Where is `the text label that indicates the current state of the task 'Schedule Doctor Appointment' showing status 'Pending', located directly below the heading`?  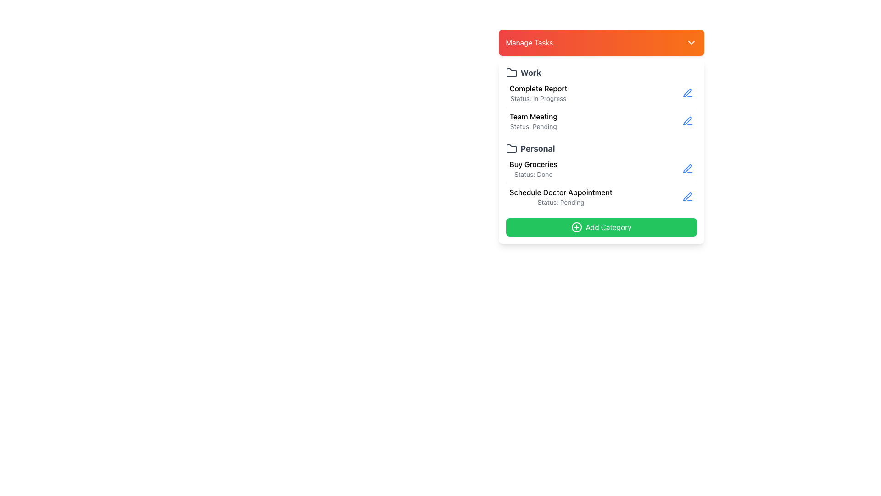
the text label that indicates the current state of the task 'Schedule Doctor Appointment' showing status 'Pending', located directly below the heading is located at coordinates (560, 202).